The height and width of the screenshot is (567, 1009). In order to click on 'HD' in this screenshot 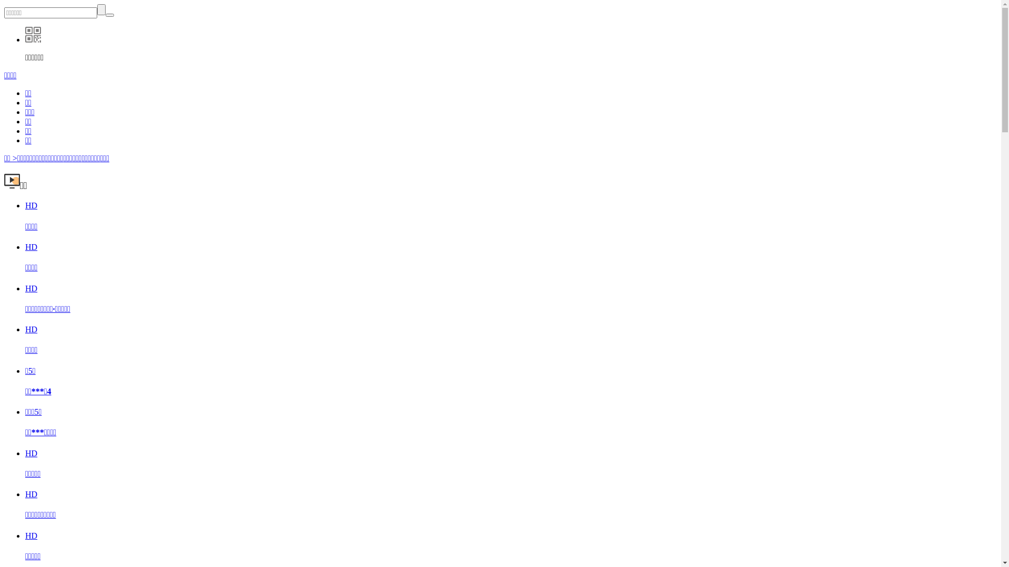, I will do `click(31, 288)`.